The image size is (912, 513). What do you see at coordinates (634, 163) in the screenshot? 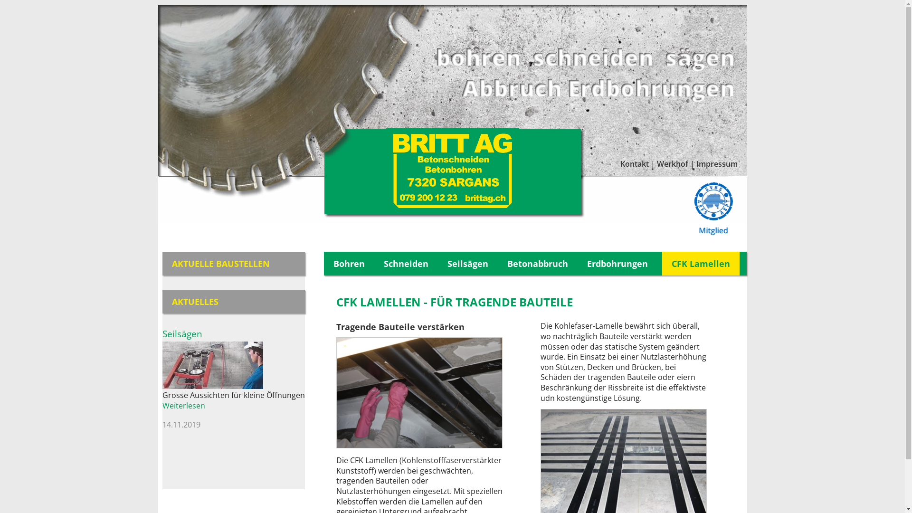
I see `'Kontakt'` at bounding box center [634, 163].